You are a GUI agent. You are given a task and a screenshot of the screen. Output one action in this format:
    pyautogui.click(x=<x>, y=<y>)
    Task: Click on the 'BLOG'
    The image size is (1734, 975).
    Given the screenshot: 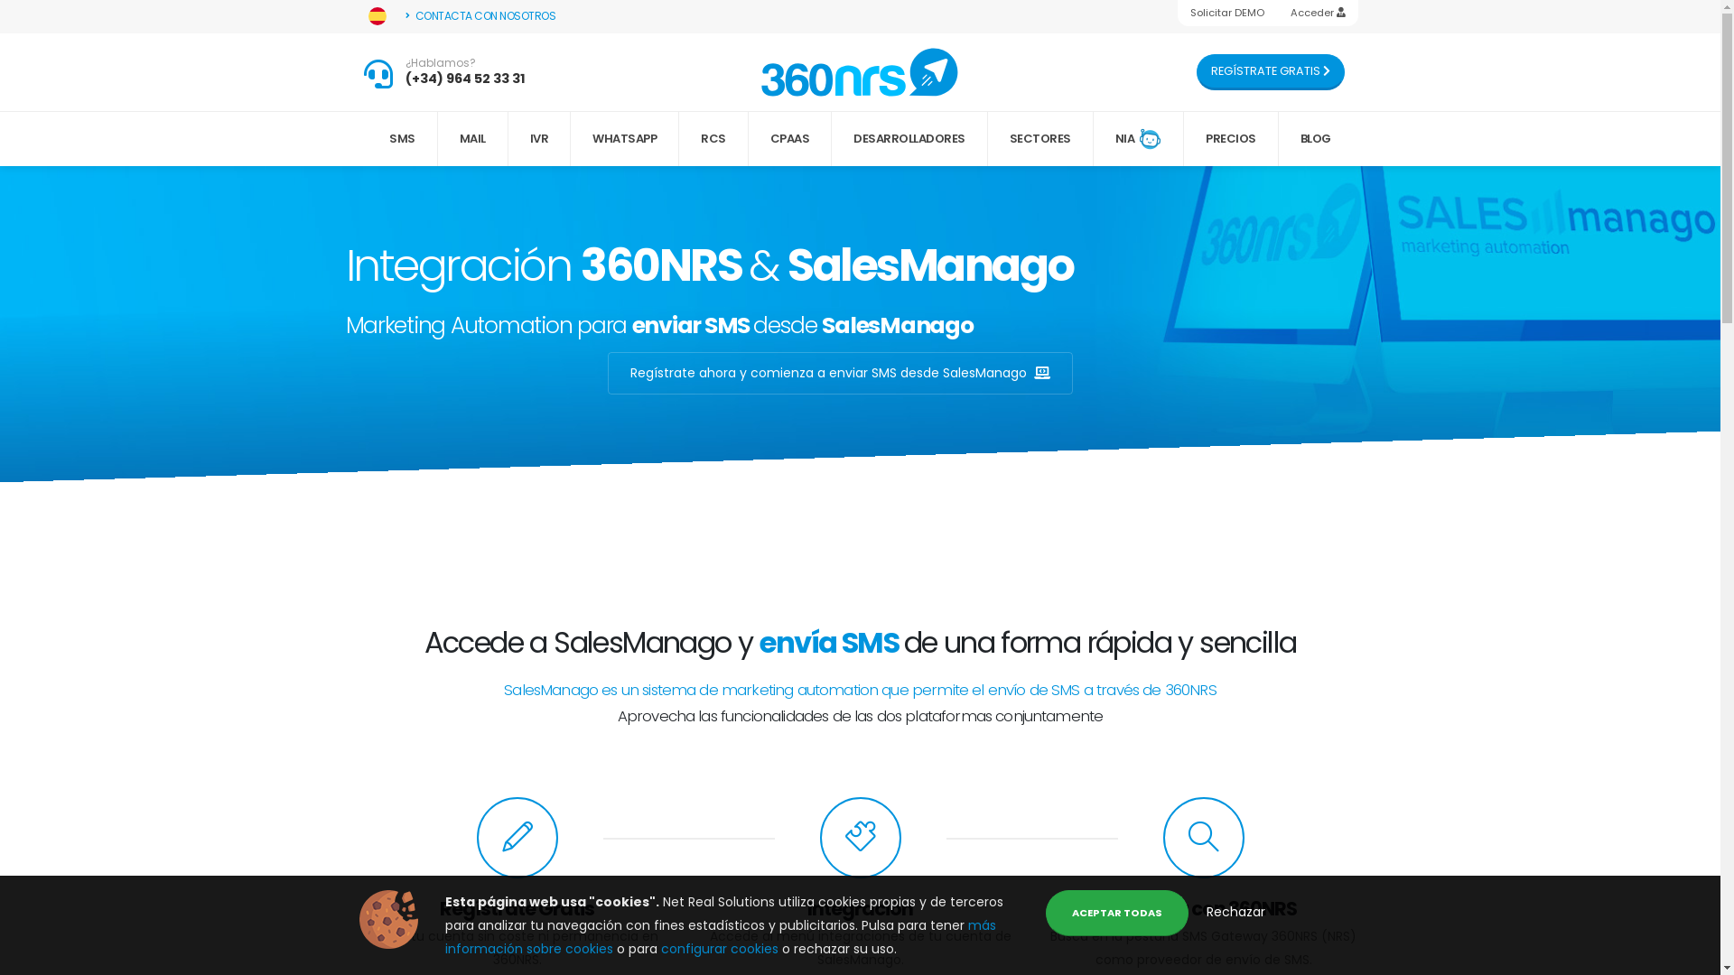 What is the action you would take?
    pyautogui.click(x=1316, y=138)
    